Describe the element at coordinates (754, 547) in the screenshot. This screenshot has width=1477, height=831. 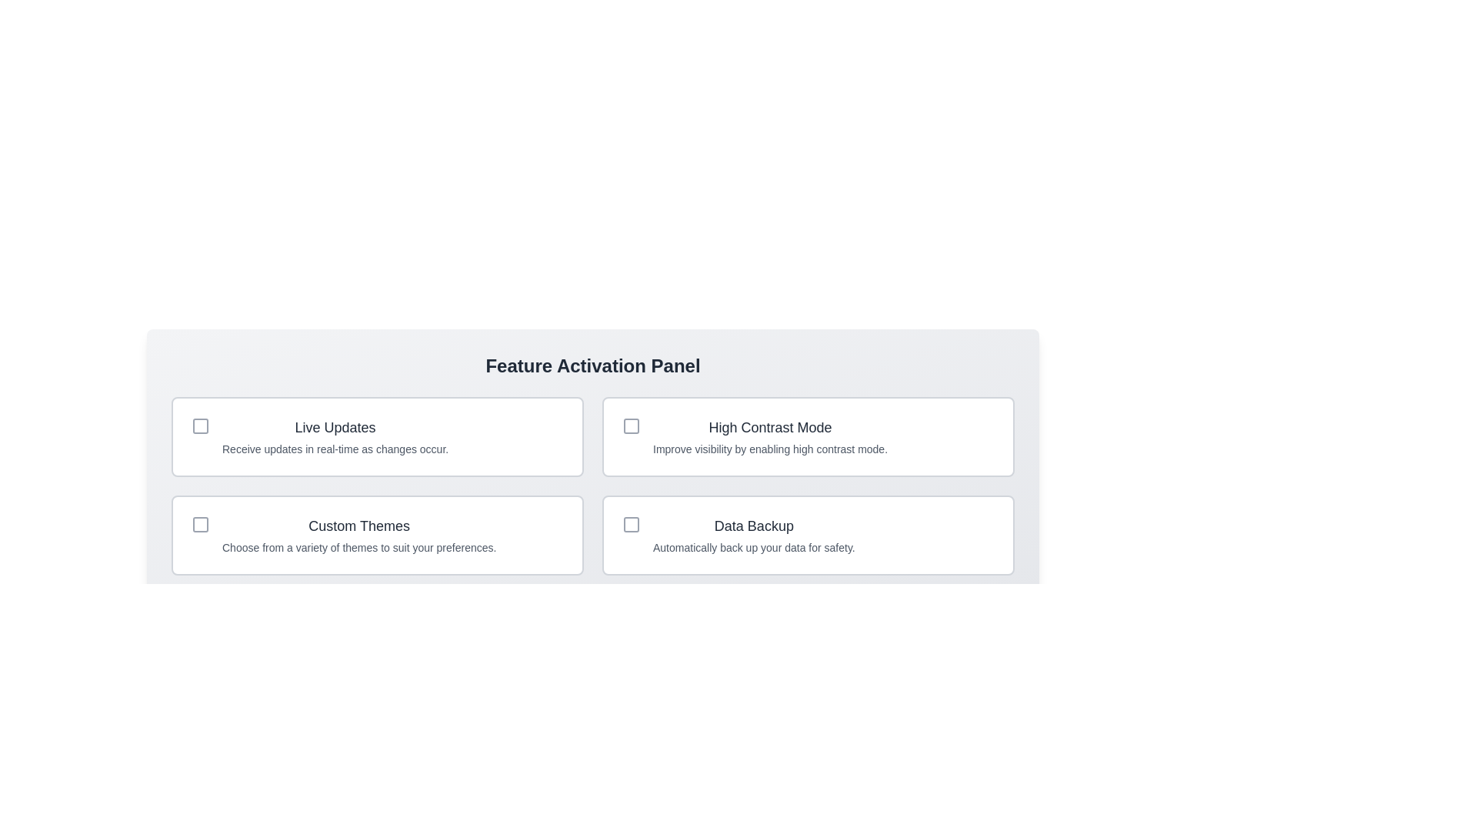
I see `the static text that provides additional information about the 'Data Backup' feature, located below the 'Data Backup' title` at that location.